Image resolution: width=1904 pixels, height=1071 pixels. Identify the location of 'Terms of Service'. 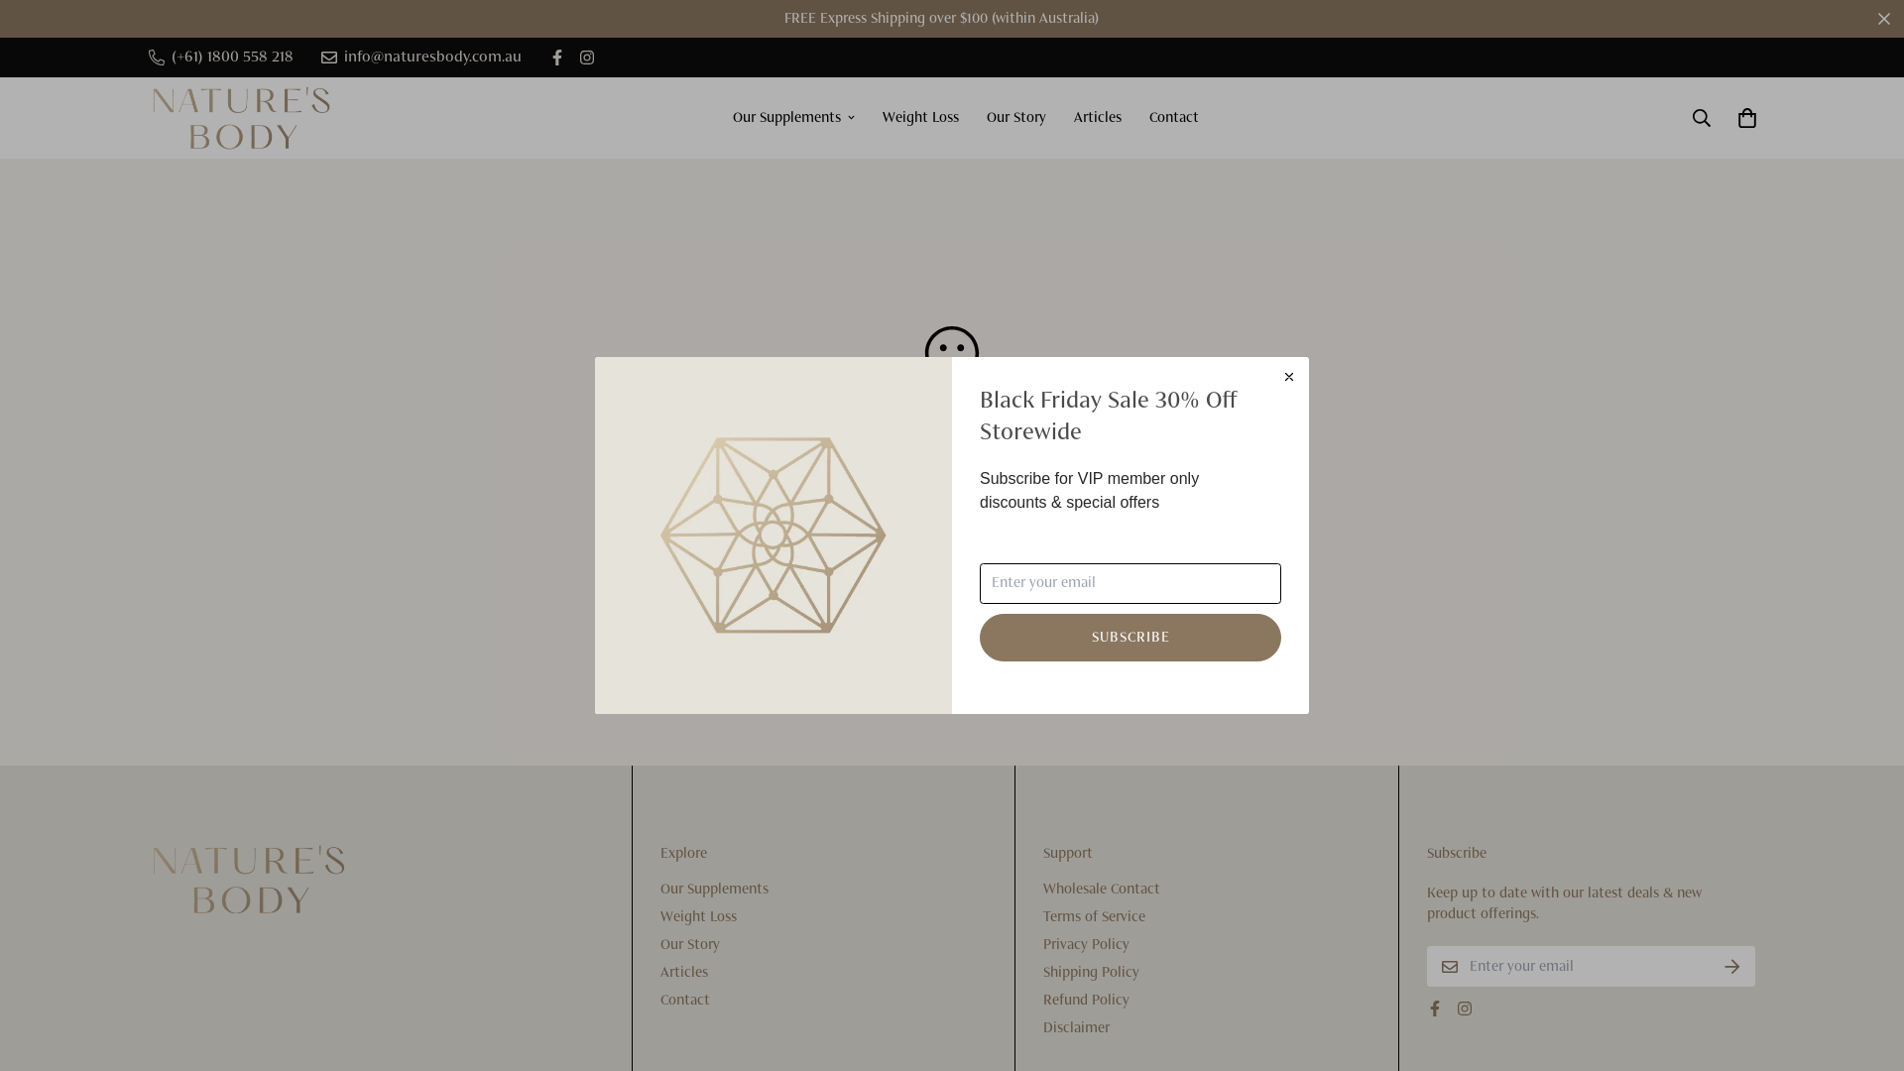
(1041, 917).